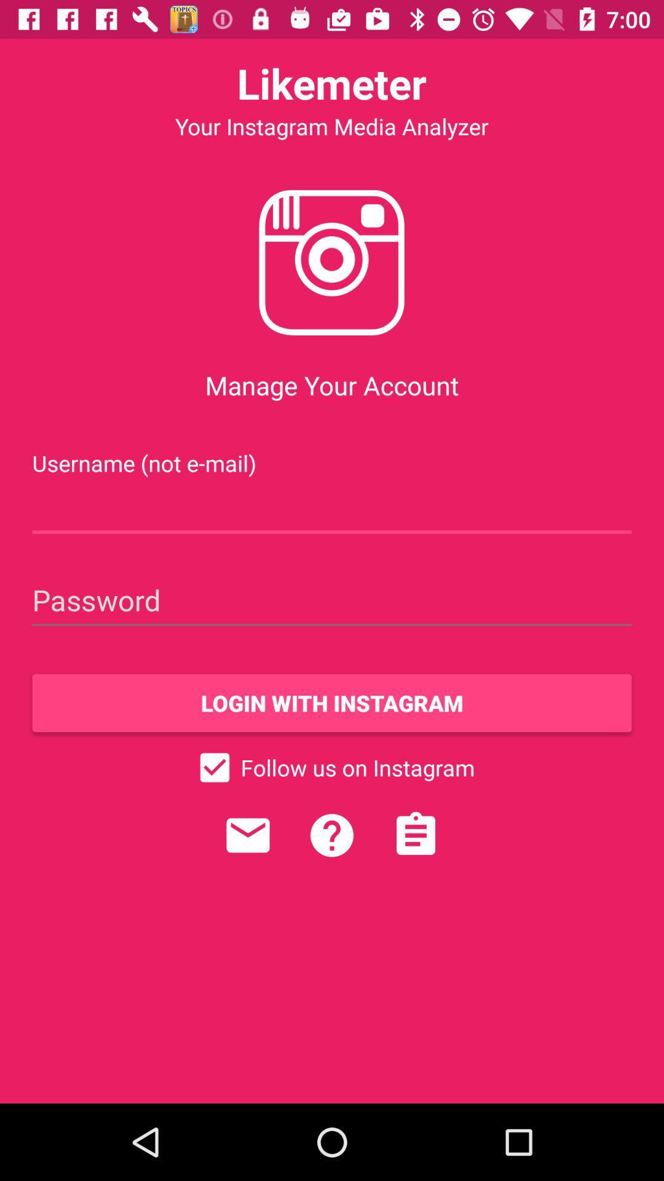 This screenshot has height=1181, width=664. Describe the element at coordinates (248, 835) in the screenshot. I see `the item below the follow us on icon` at that location.